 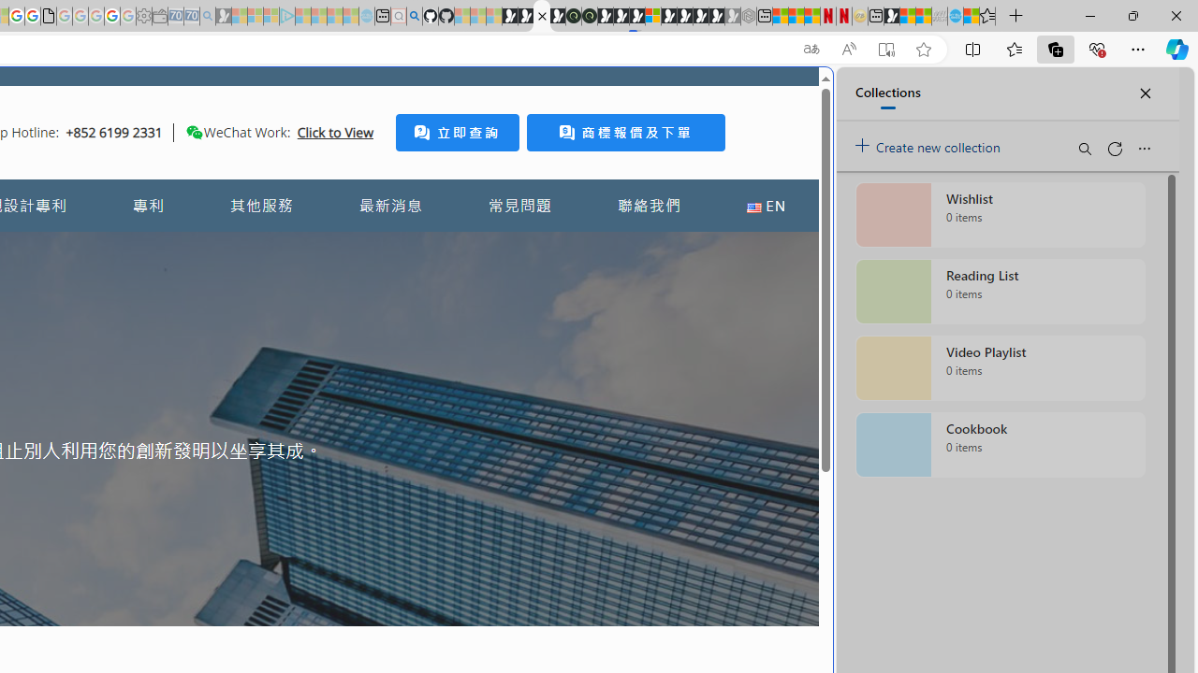 I want to click on 'Class: desktop', so click(x=194, y=131).